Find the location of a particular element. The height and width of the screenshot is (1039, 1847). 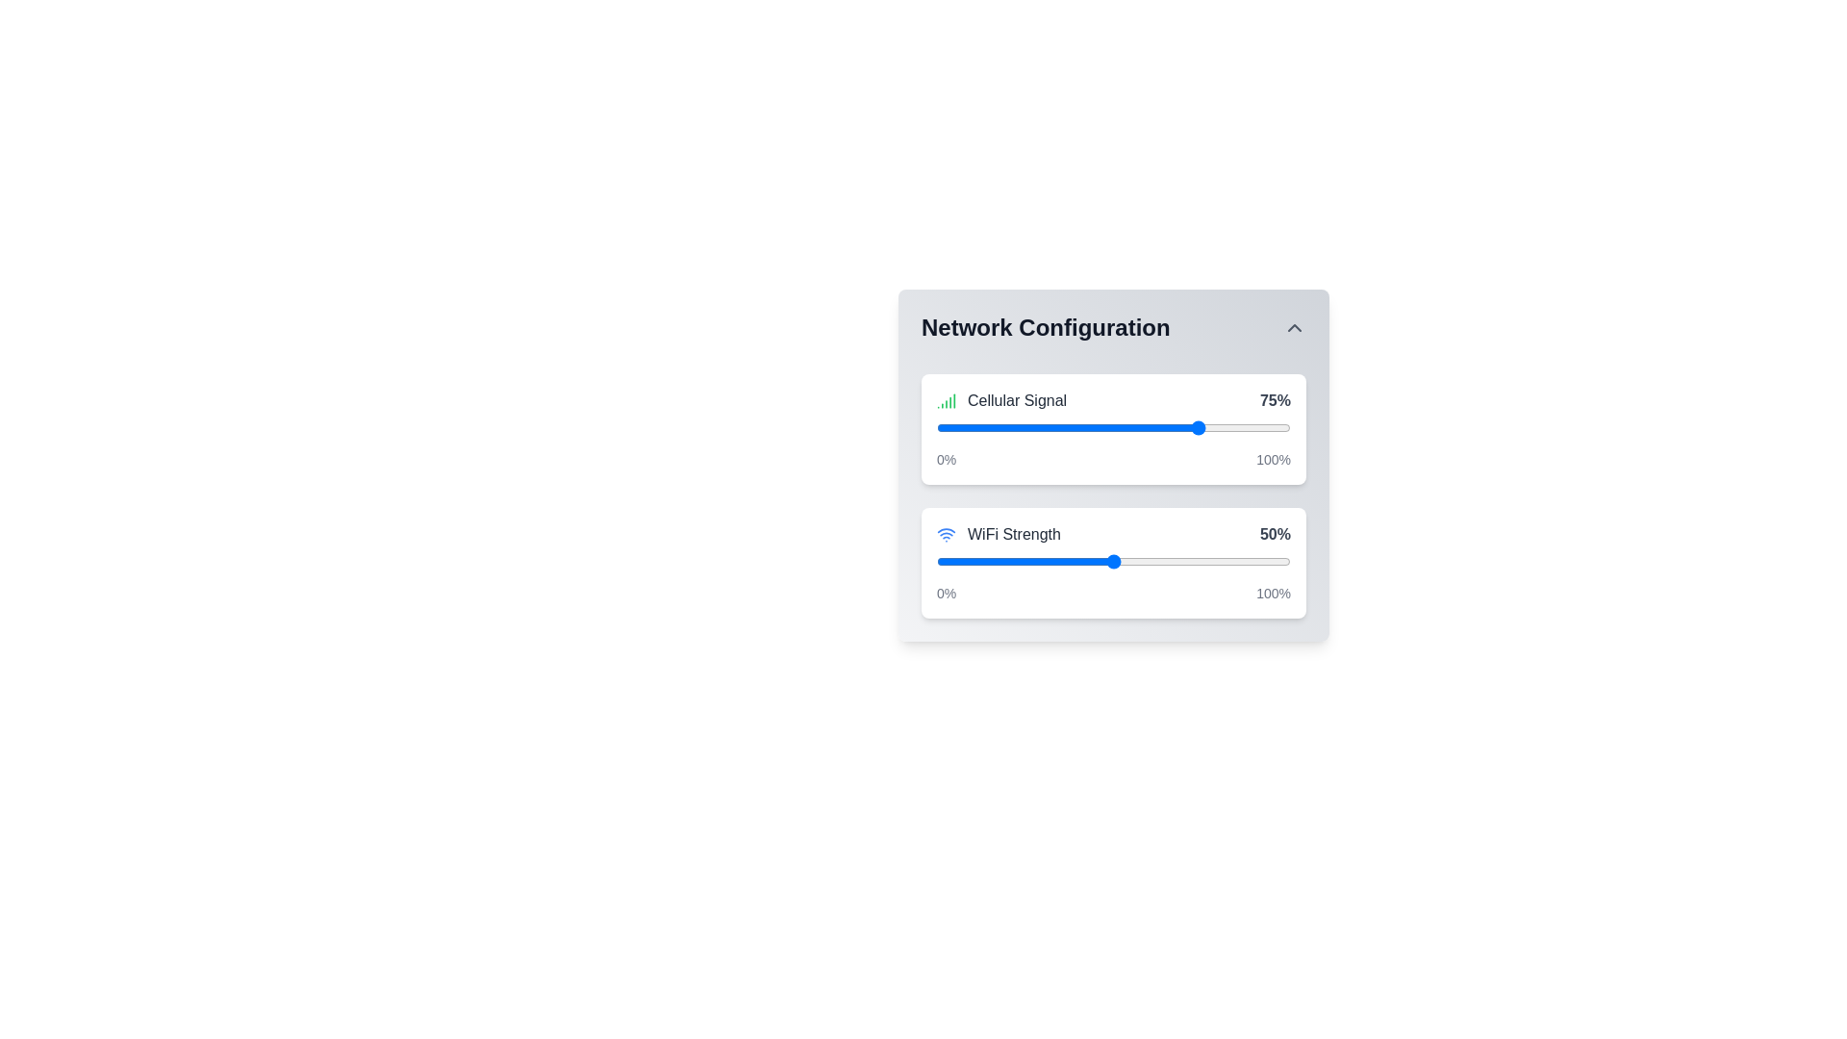

the 'Cellular Signal' label, which is styled in dark gray and located next to the green cellular signal icon under the 'Network Configuration' section is located at coordinates (1016, 399).